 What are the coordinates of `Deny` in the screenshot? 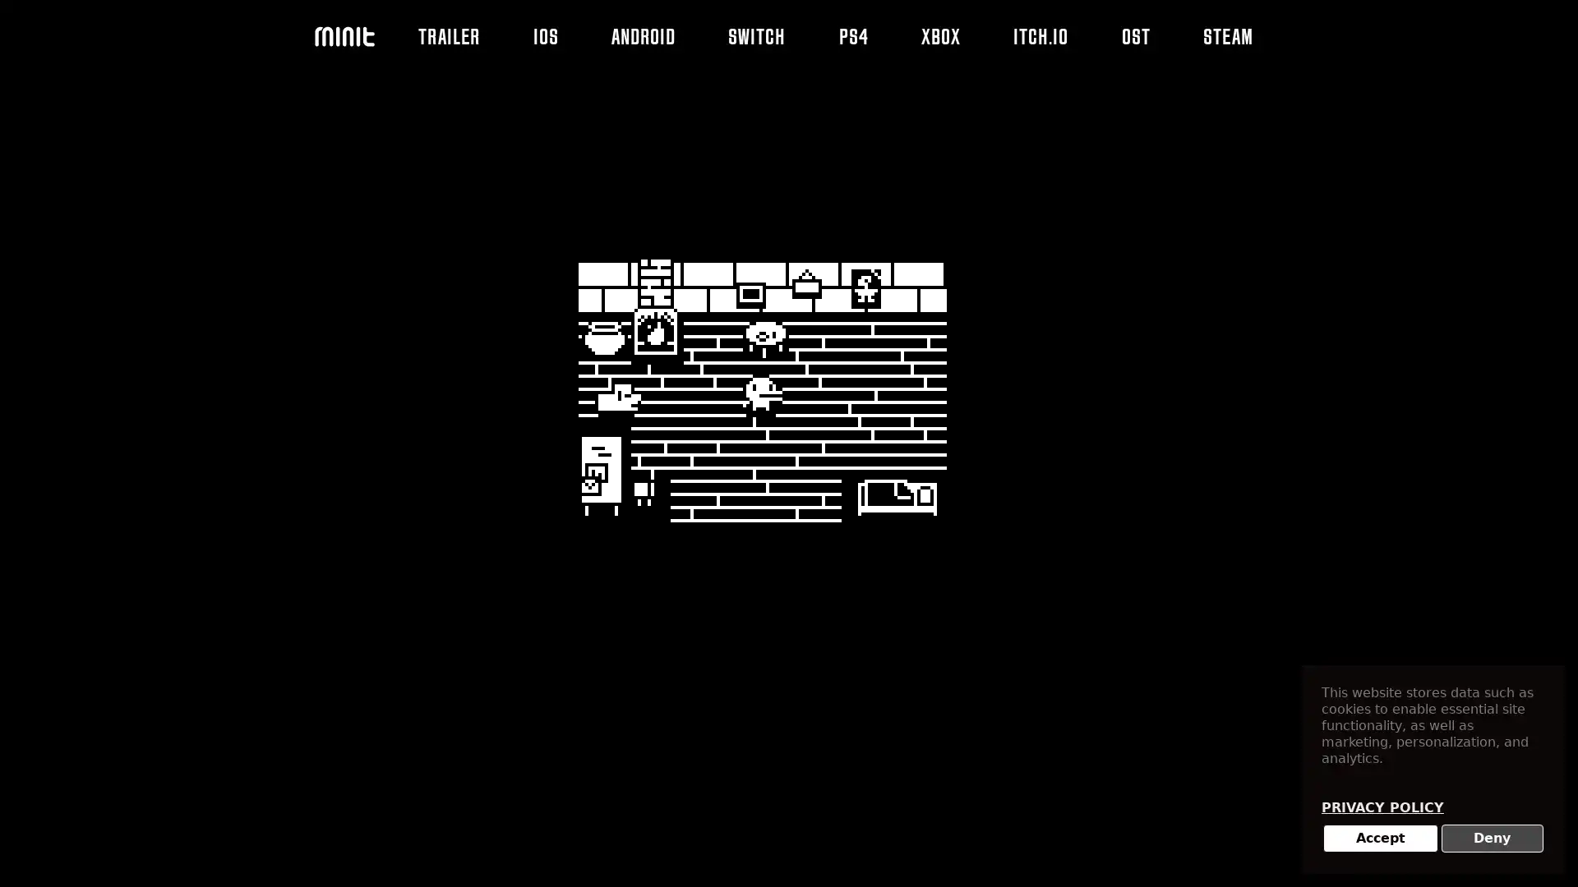 It's located at (1492, 839).